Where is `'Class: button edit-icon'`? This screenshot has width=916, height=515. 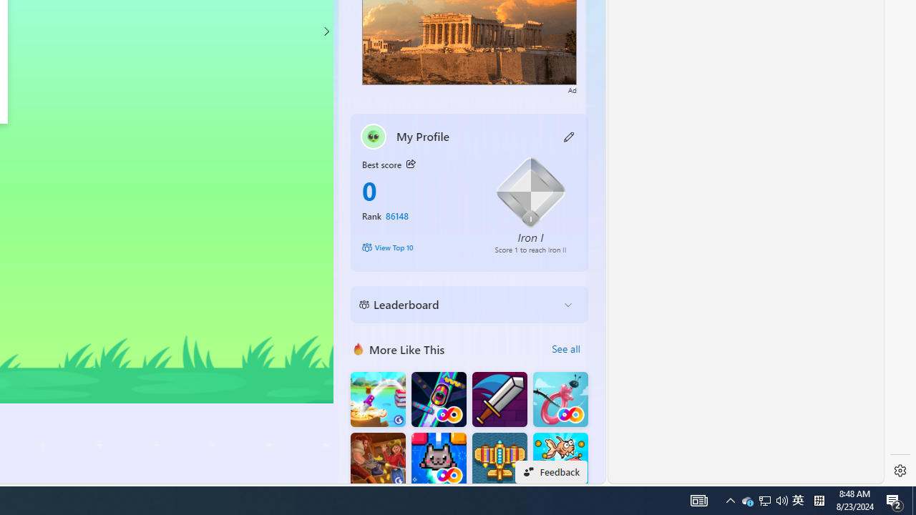
'Class: button edit-icon' is located at coordinates (569, 136).